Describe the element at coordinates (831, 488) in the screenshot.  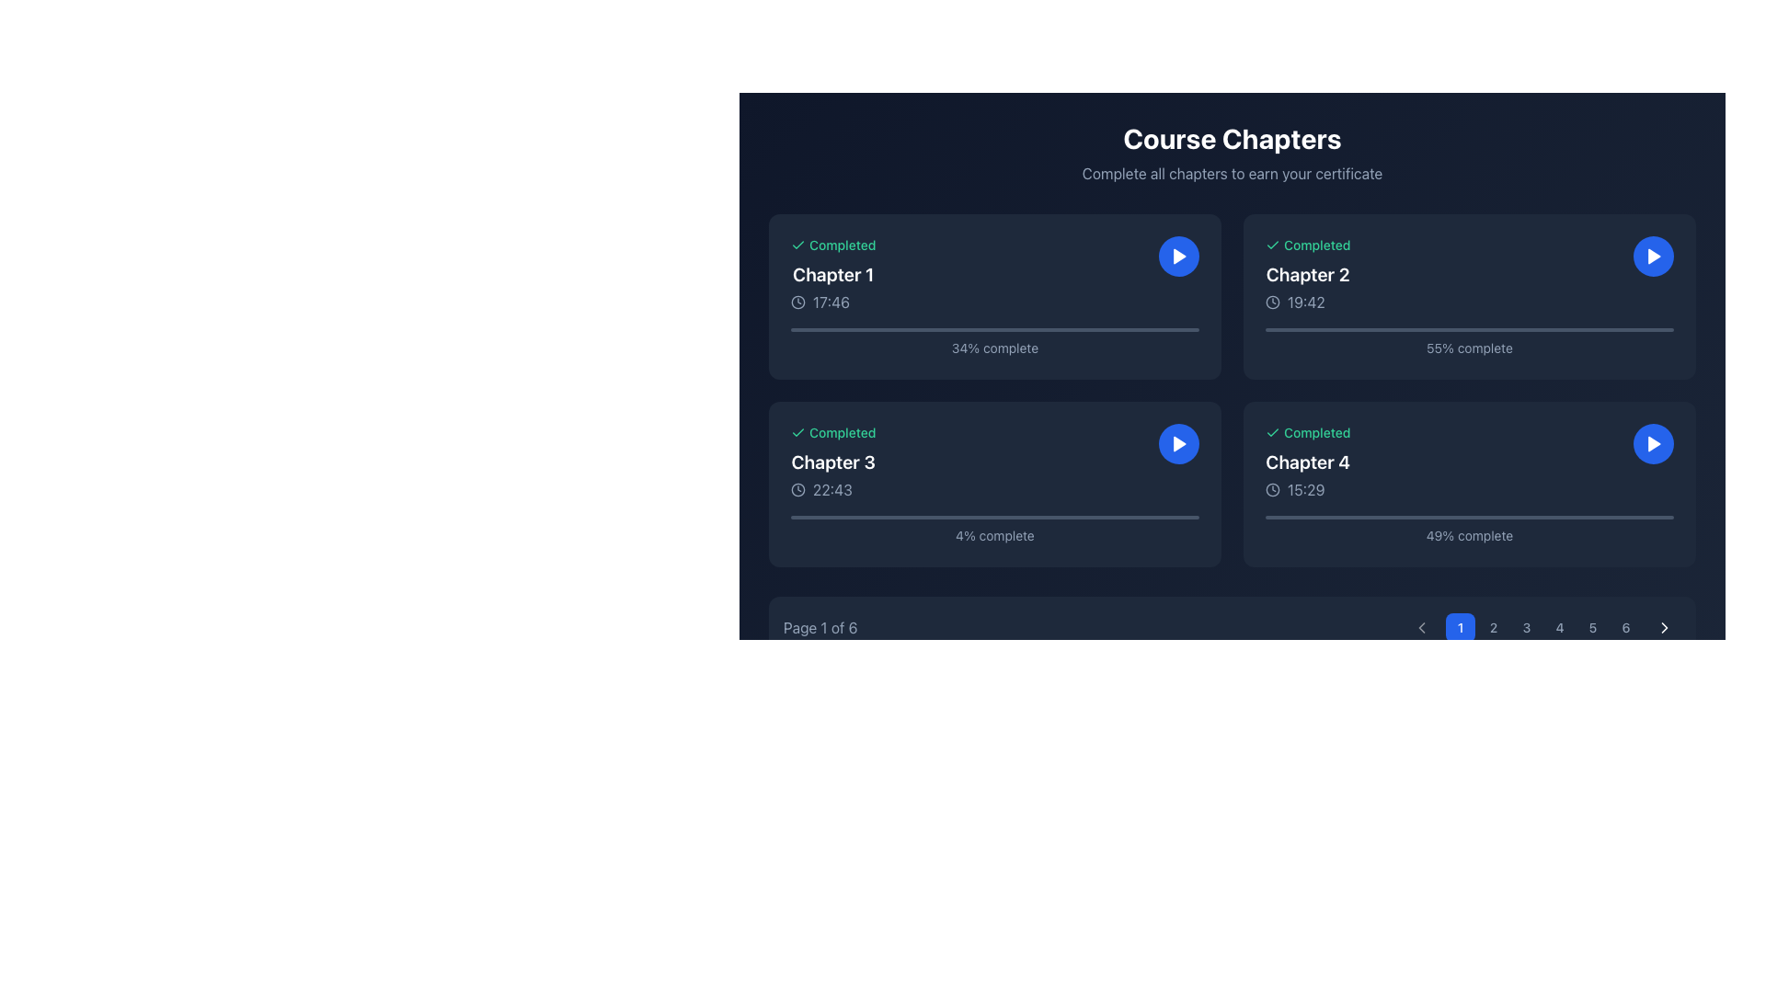
I see `the text displaying the time '22:43' located in the lower section of the card labeled 'Chapter 3', beside a clock icon` at that location.